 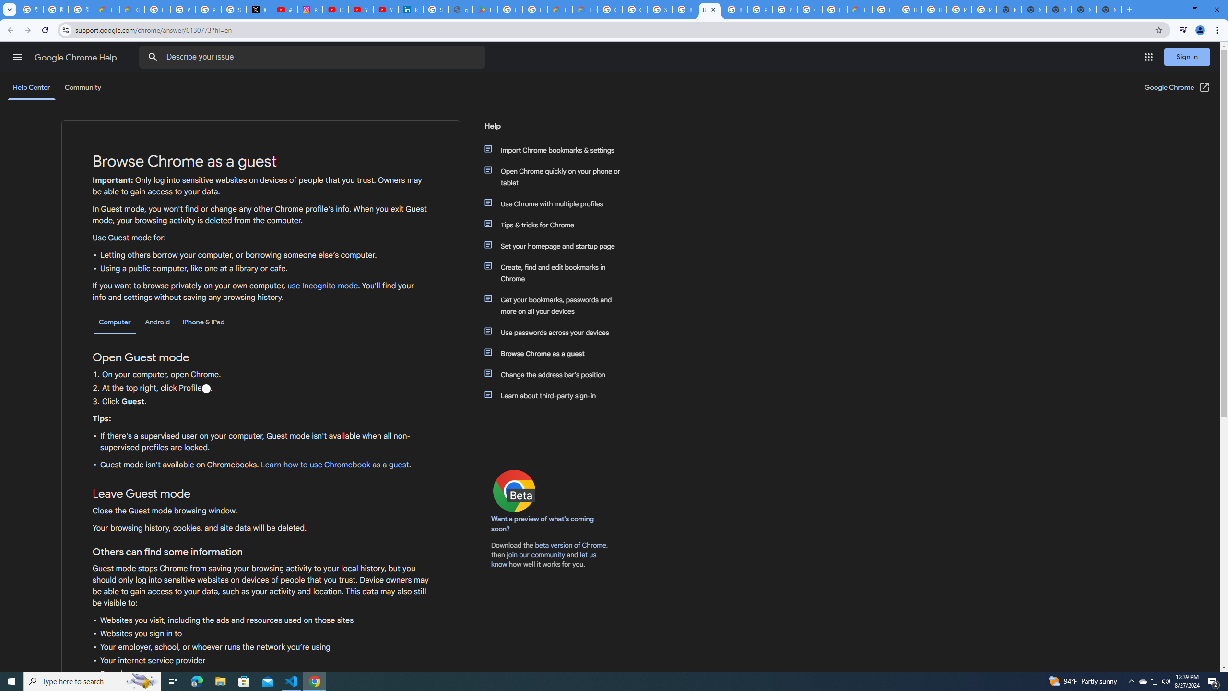 What do you see at coordinates (131, 9) in the screenshot?
I see `'Google Cloud Privacy Notice'` at bounding box center [131, 9].